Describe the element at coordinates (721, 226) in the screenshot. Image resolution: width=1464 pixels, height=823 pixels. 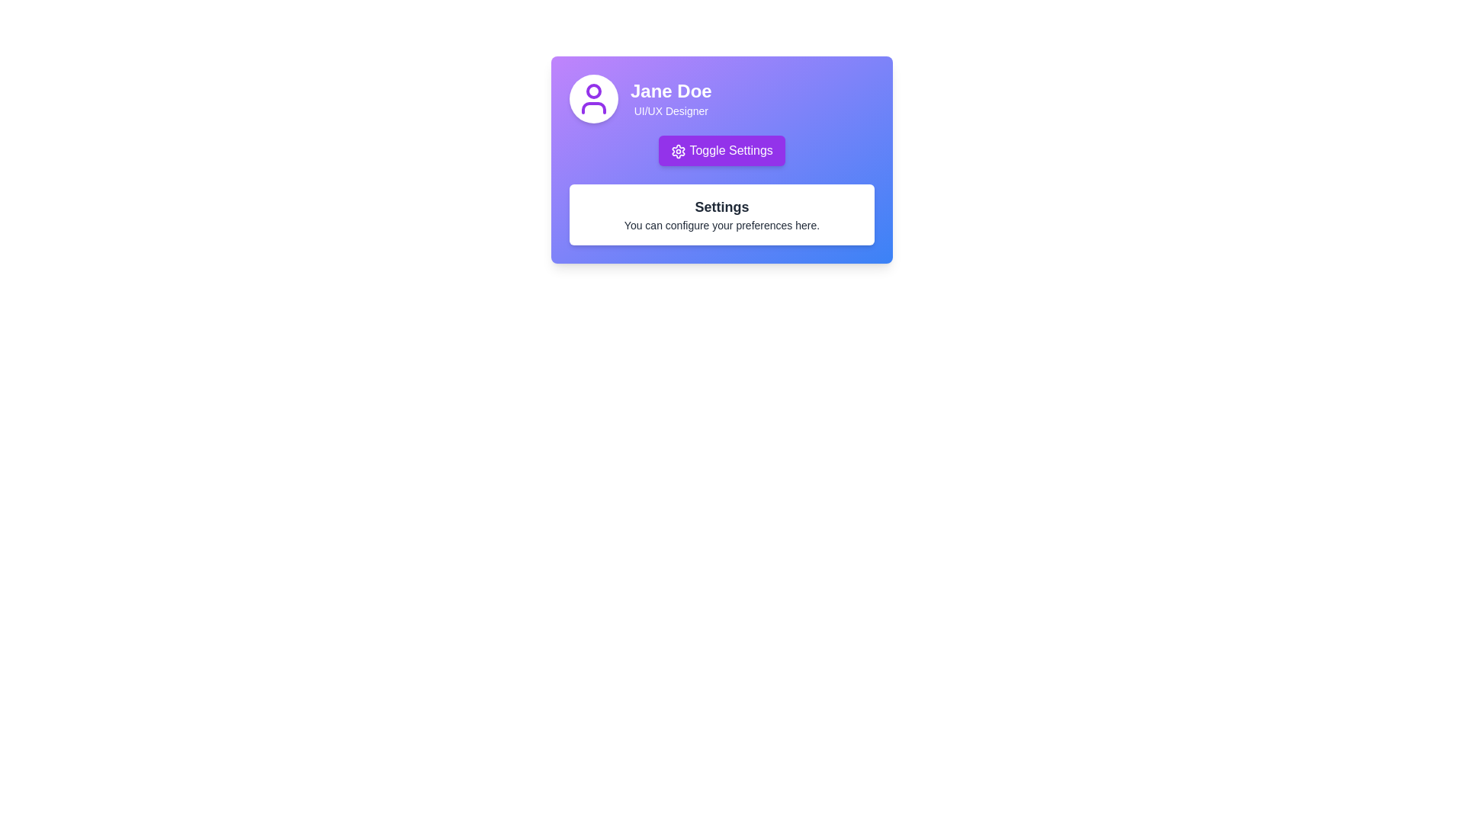
I see `the informational text displaying 'You can configure your preferences here.' which is styled with a smaller font size and is located directly below the title 'Settings.'` at that location.